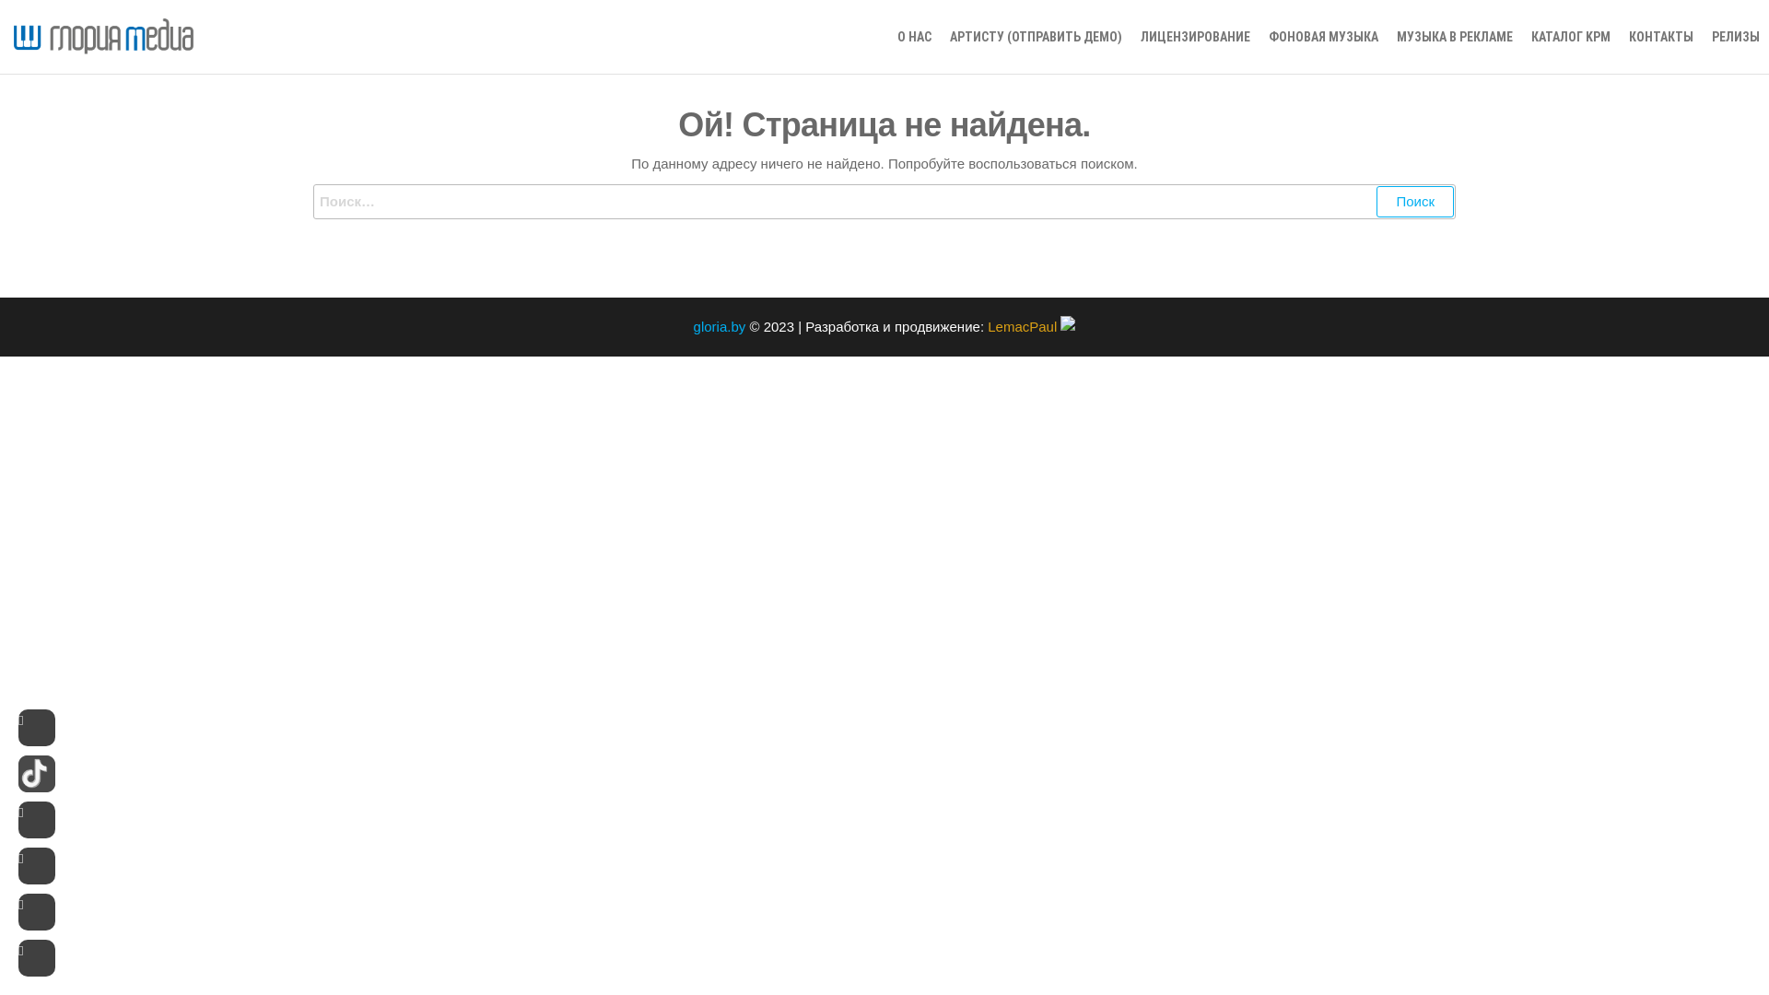  Describe the element at coordinates (719, 325) in the screenshot. I see `'gloria.by'` at that location.